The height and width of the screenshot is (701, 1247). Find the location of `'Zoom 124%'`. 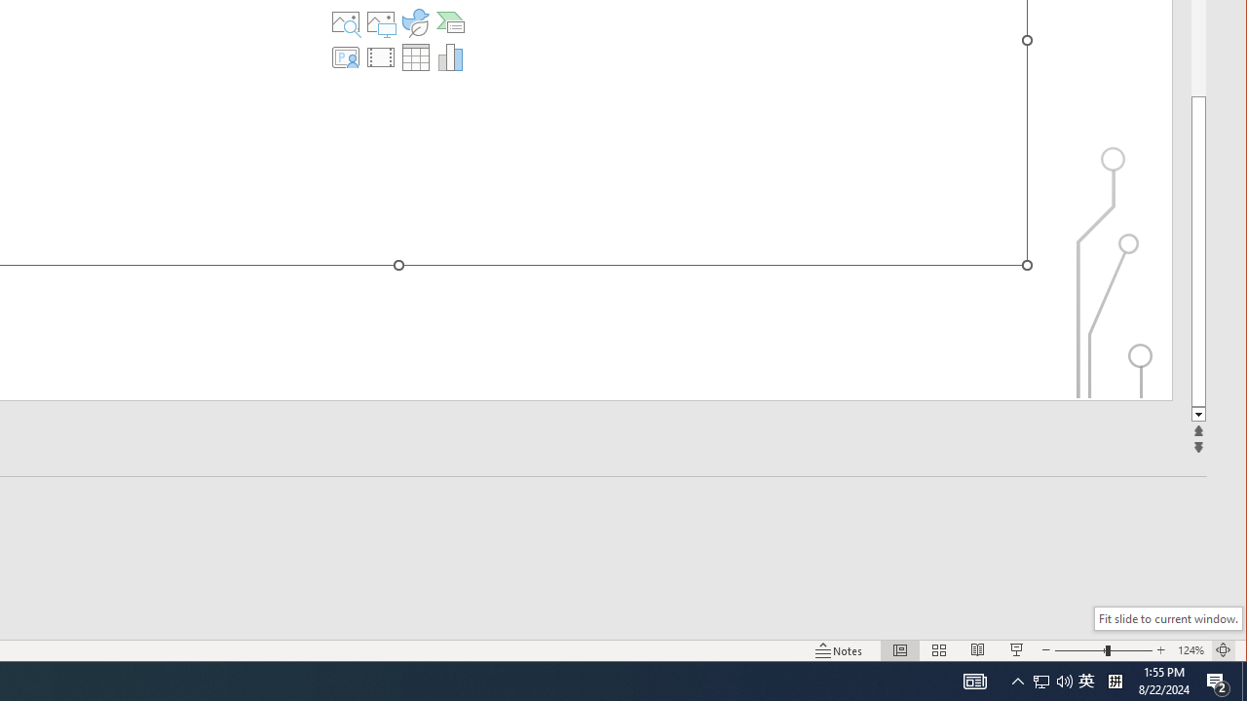

'Zoom 124%' is located at coordinates (1190, 650).